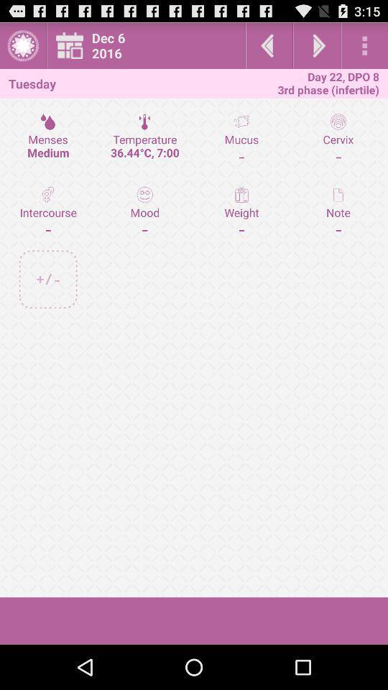  I want to click on previous page, so click(269, 45).